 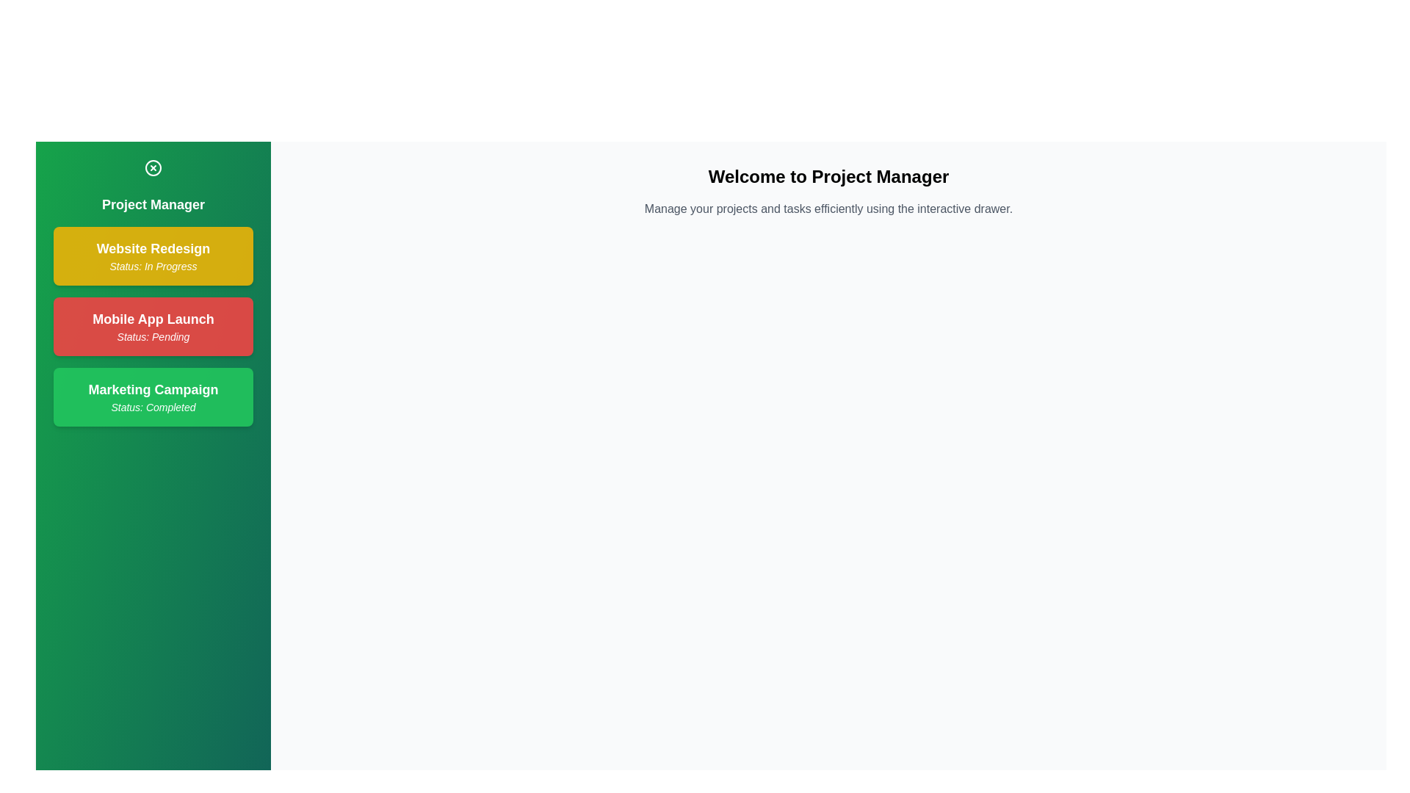 What do you see at coordinates (153, 167) in the screenshot?
I see `the toggle button to toggle the drawer open or close` at bounding box center [153, 167].